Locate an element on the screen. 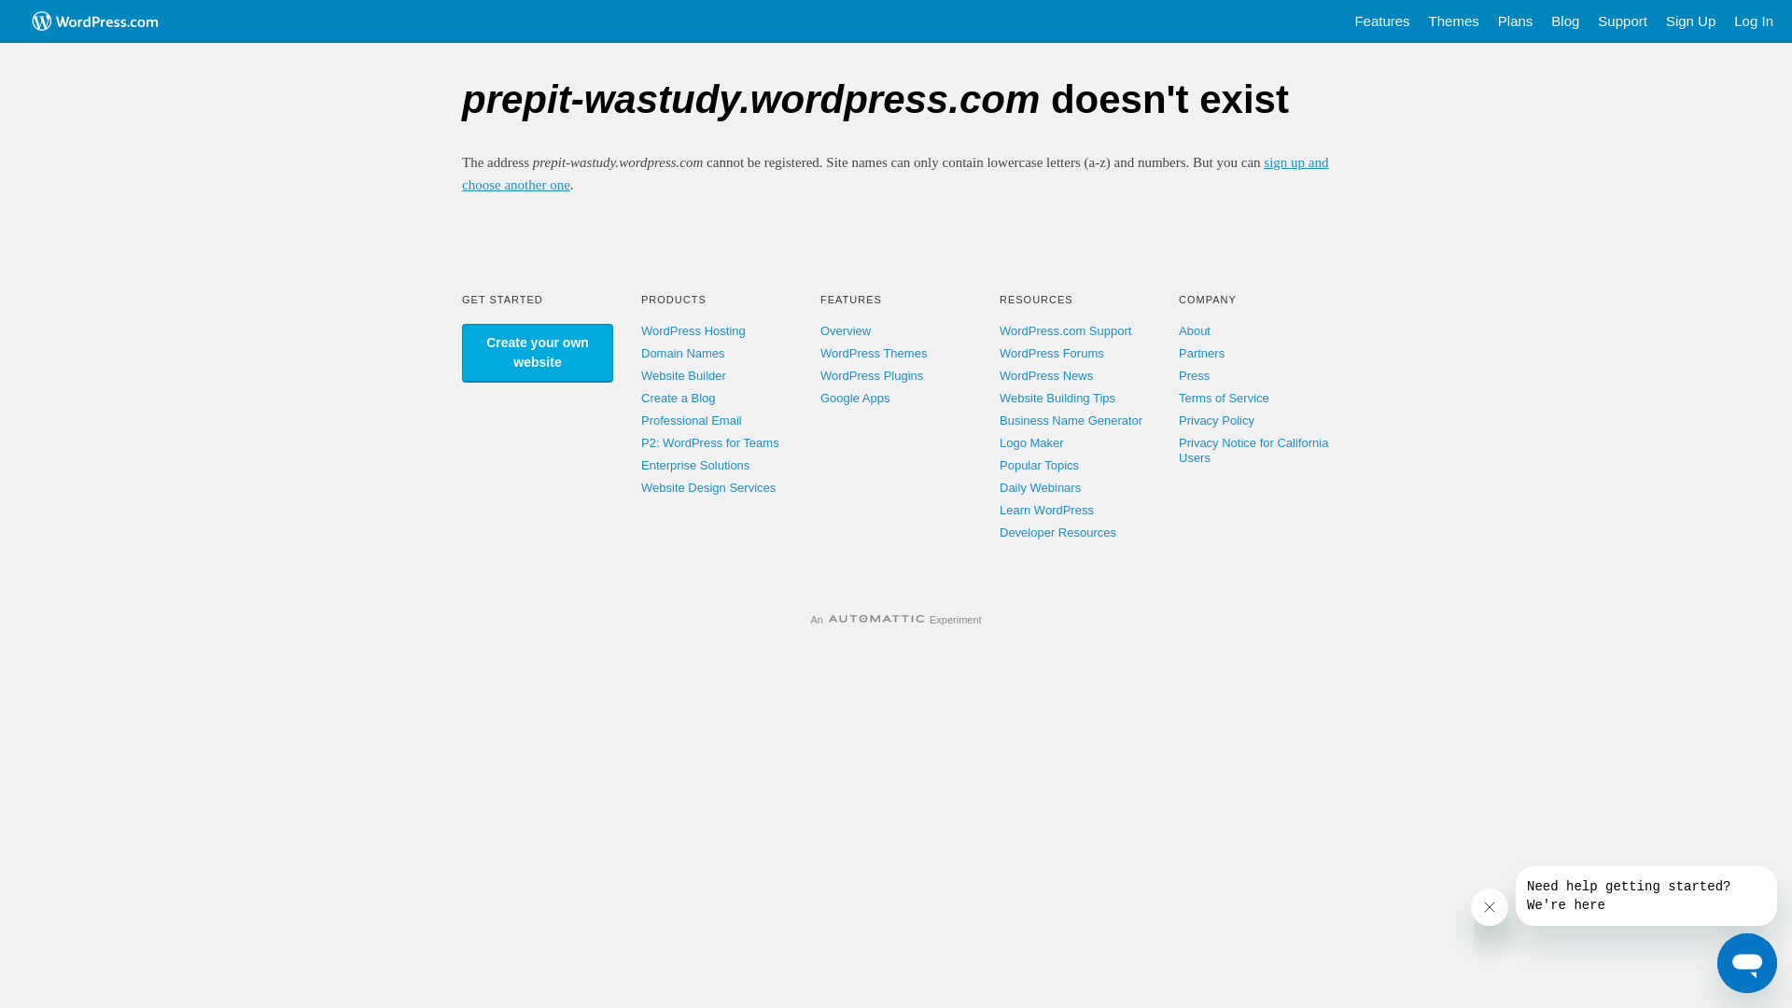 The image size is (1792, 1008). 'Website Building Tips' is located at coordinates (1057, 397).